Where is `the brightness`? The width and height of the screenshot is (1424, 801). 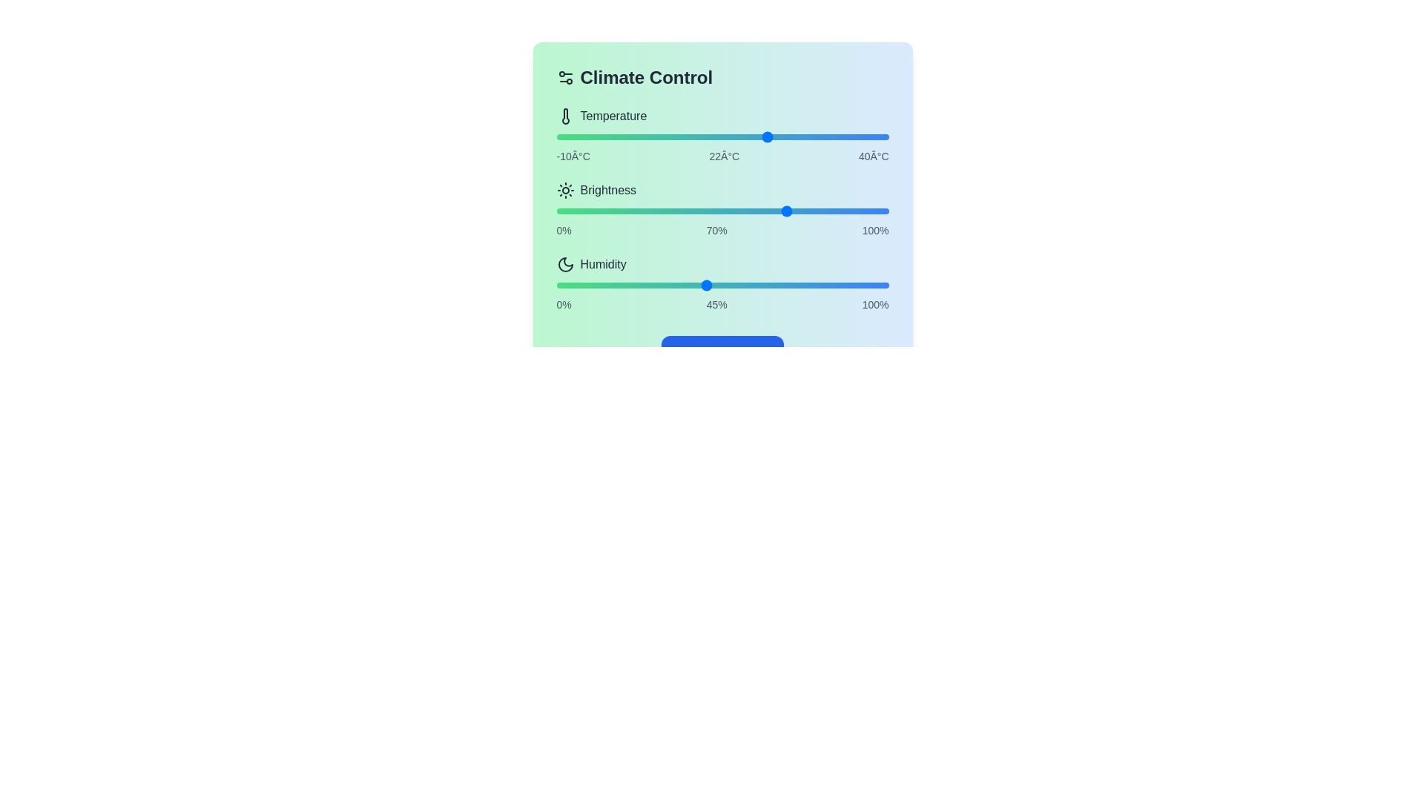
the brightness is located at coordinates (649, 211).